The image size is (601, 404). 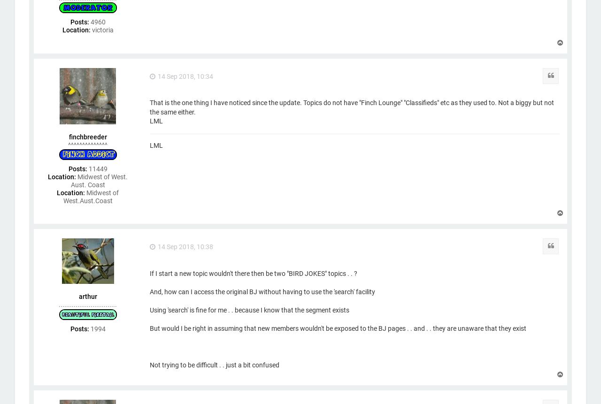 What do you see at coordinates (185, 76) in the screenshot?
I see `'14 Sep 2018, 10:34'` at bounding box center [185, 76].